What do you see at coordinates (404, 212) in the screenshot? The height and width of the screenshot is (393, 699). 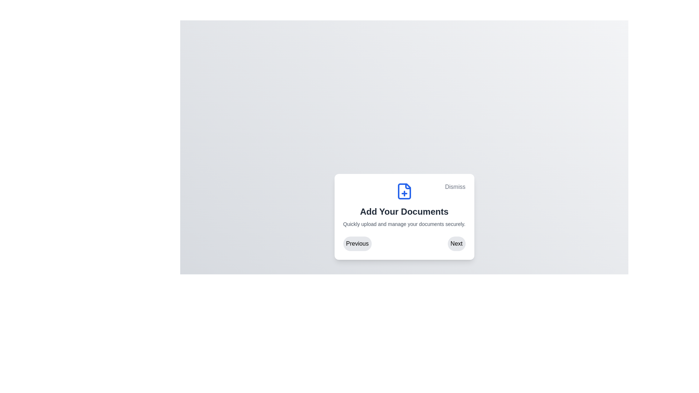 I see `the heading text element that introduces the functionality of uploading and managing documents, located below the document icon and above the descriptive text` at bounding box center [404, 212].